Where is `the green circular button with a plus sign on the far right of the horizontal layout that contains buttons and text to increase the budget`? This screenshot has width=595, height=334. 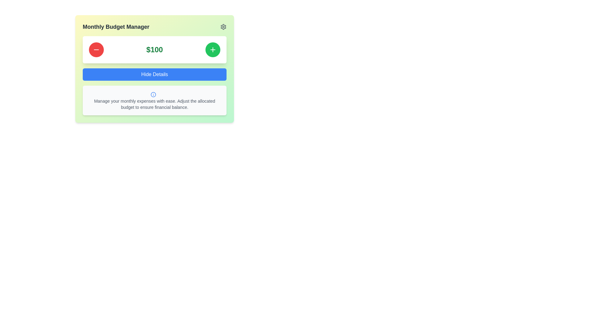 the green circular button with a plus sign on the far right of the horizontal layout that contains buttons and text to increase the budget is located at coordinates (155, 49).